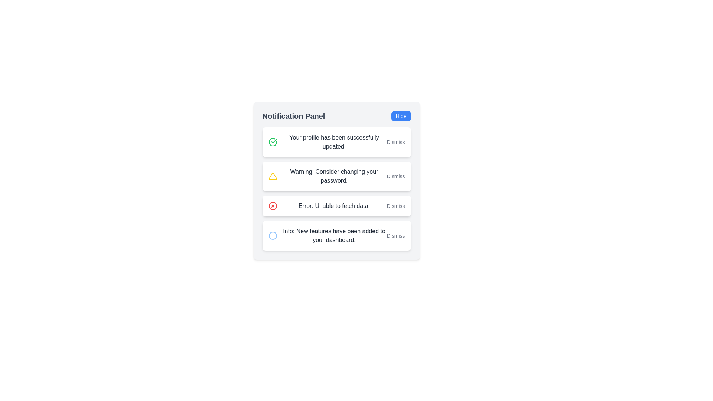 The image size is (713, 401). What do you see at coordinates (336, 206) in the screenshot?
I see `the third notification alert box that indicates a data fetching error` at bounding box center [336, 206].